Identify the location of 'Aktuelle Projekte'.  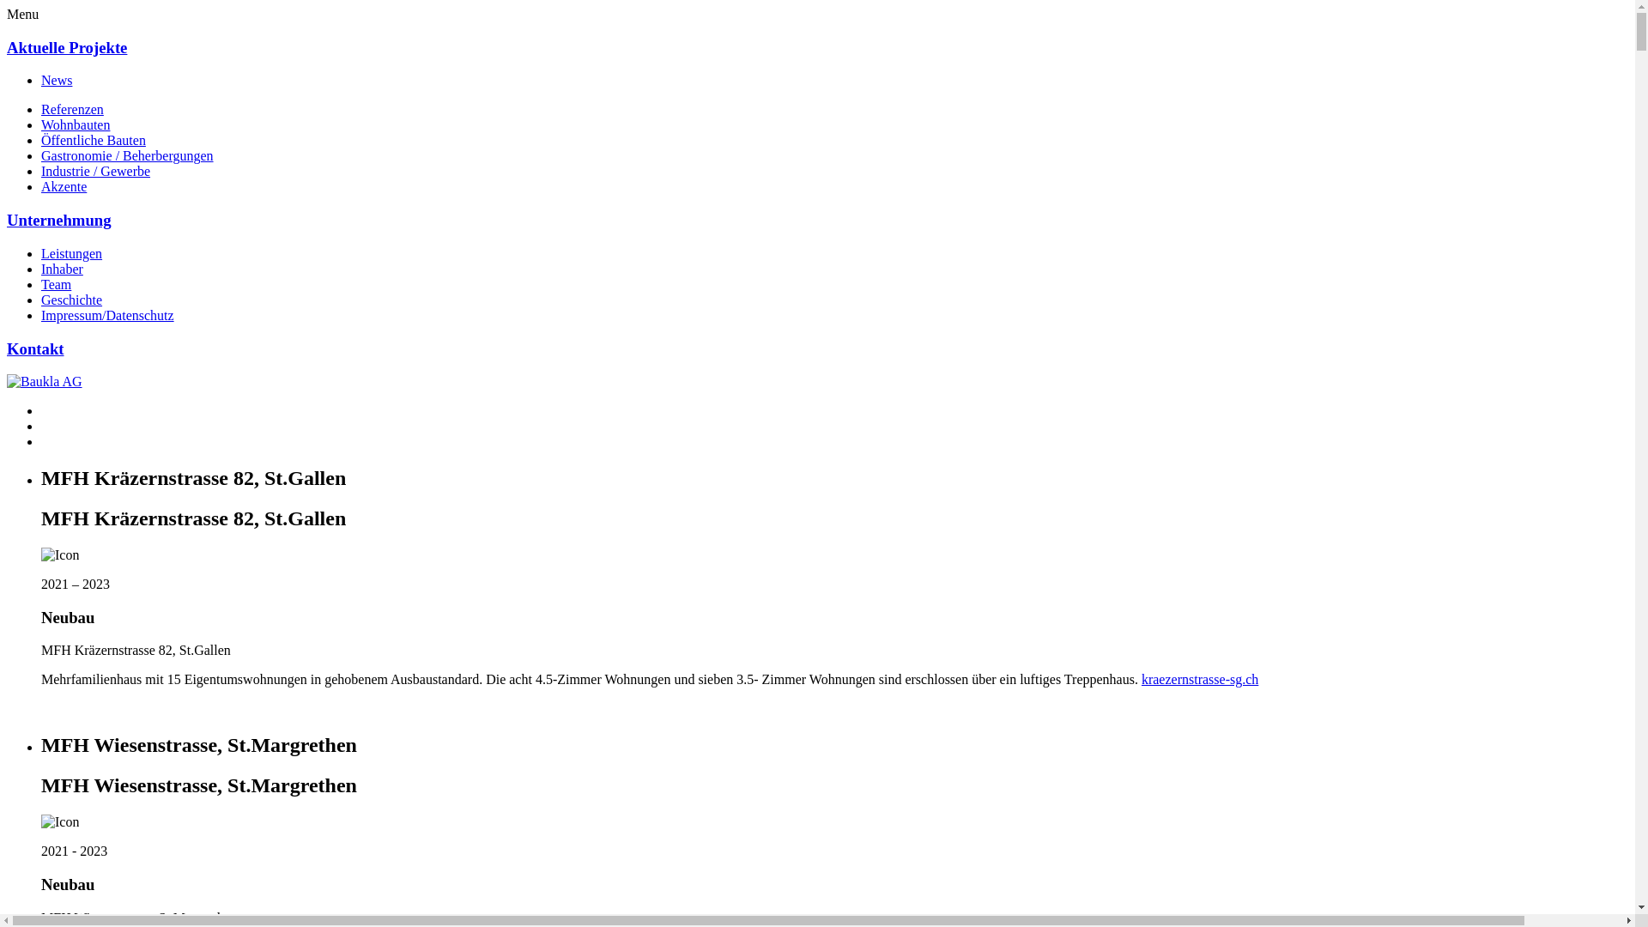
(66, 46).